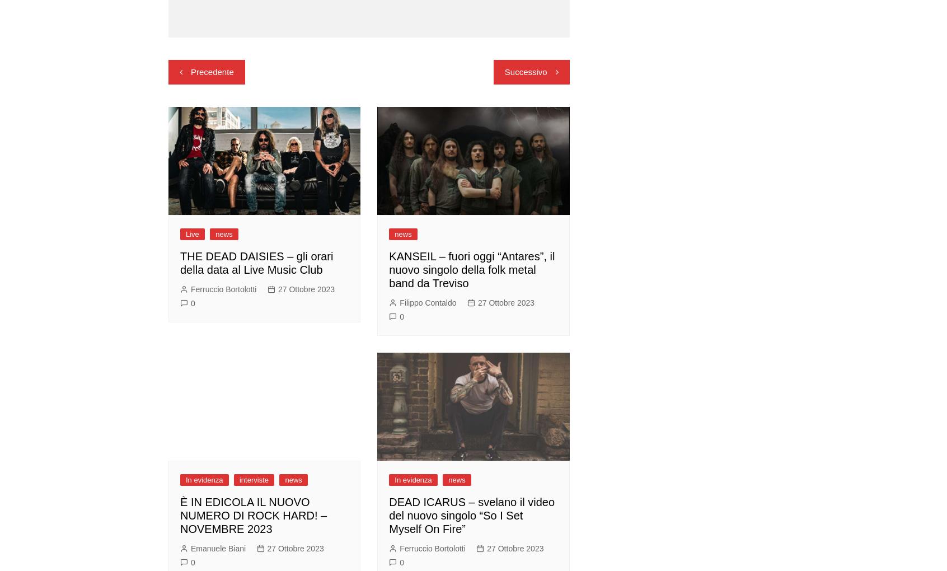  What do you see at coordinates (191, 234) in the screenshot?
I see `'Live'` at bounding box center [191, 234].